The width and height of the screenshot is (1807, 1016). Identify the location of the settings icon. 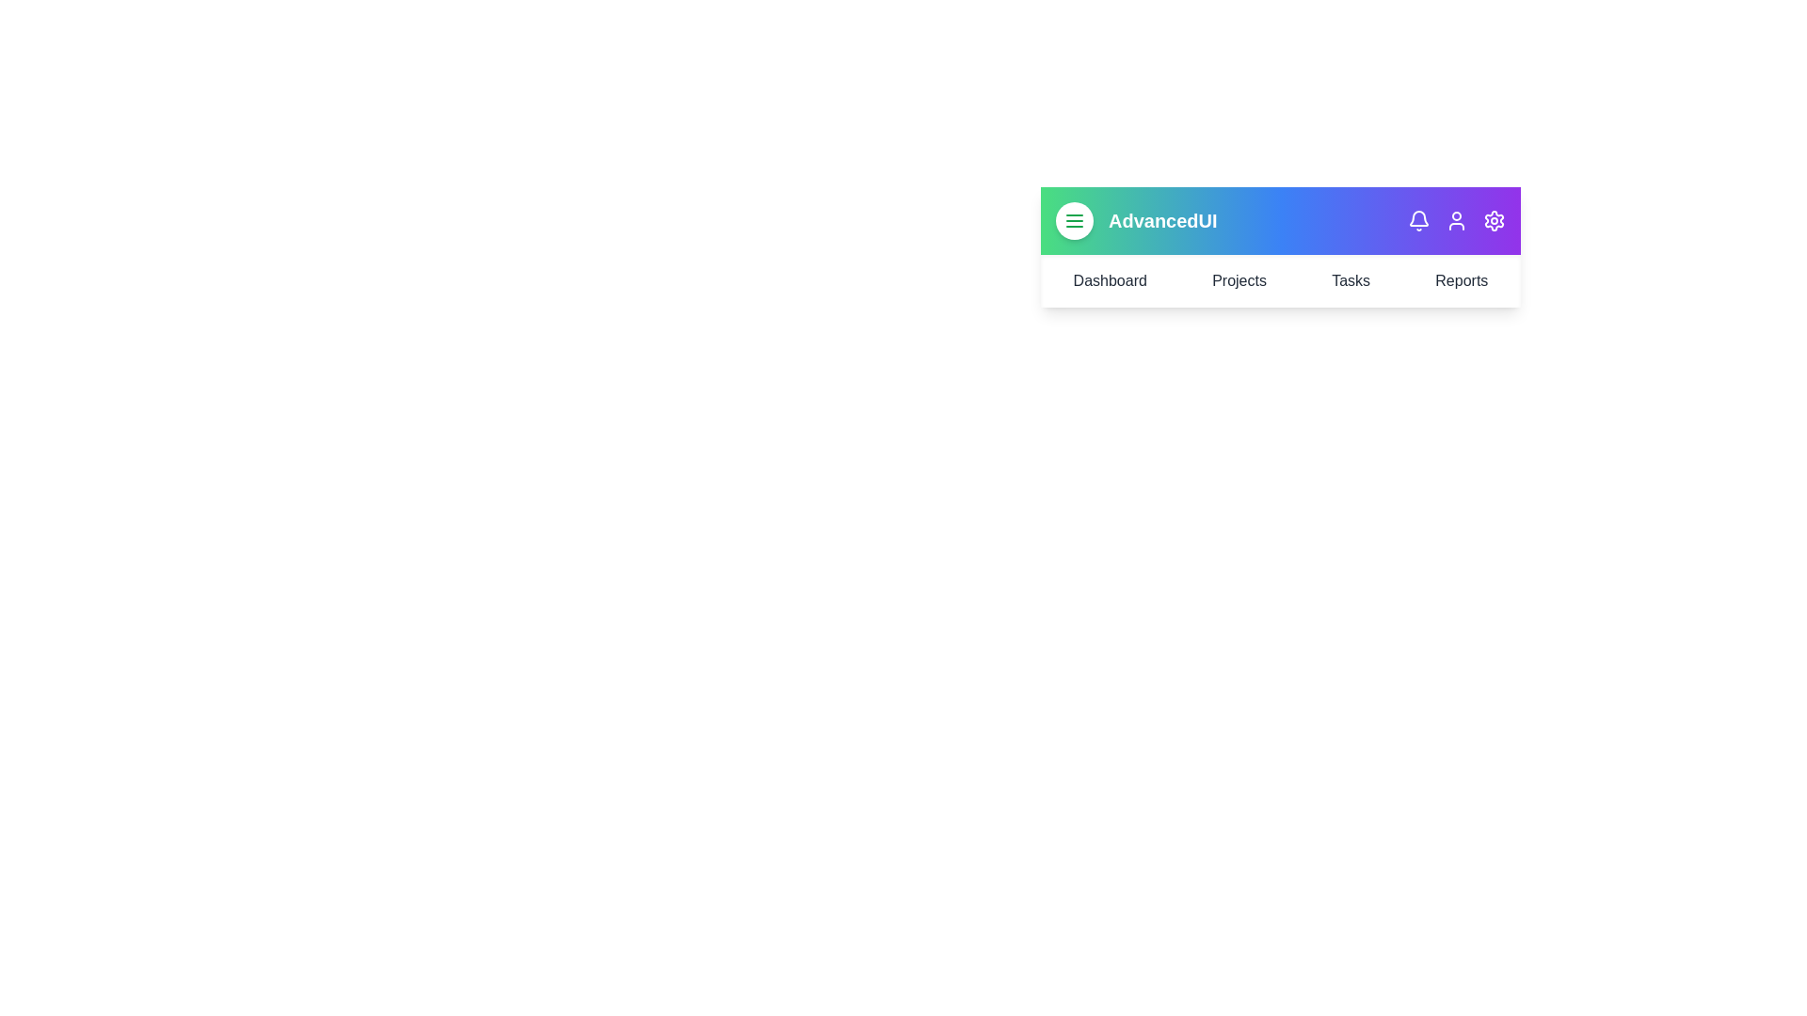
(1494, 220).